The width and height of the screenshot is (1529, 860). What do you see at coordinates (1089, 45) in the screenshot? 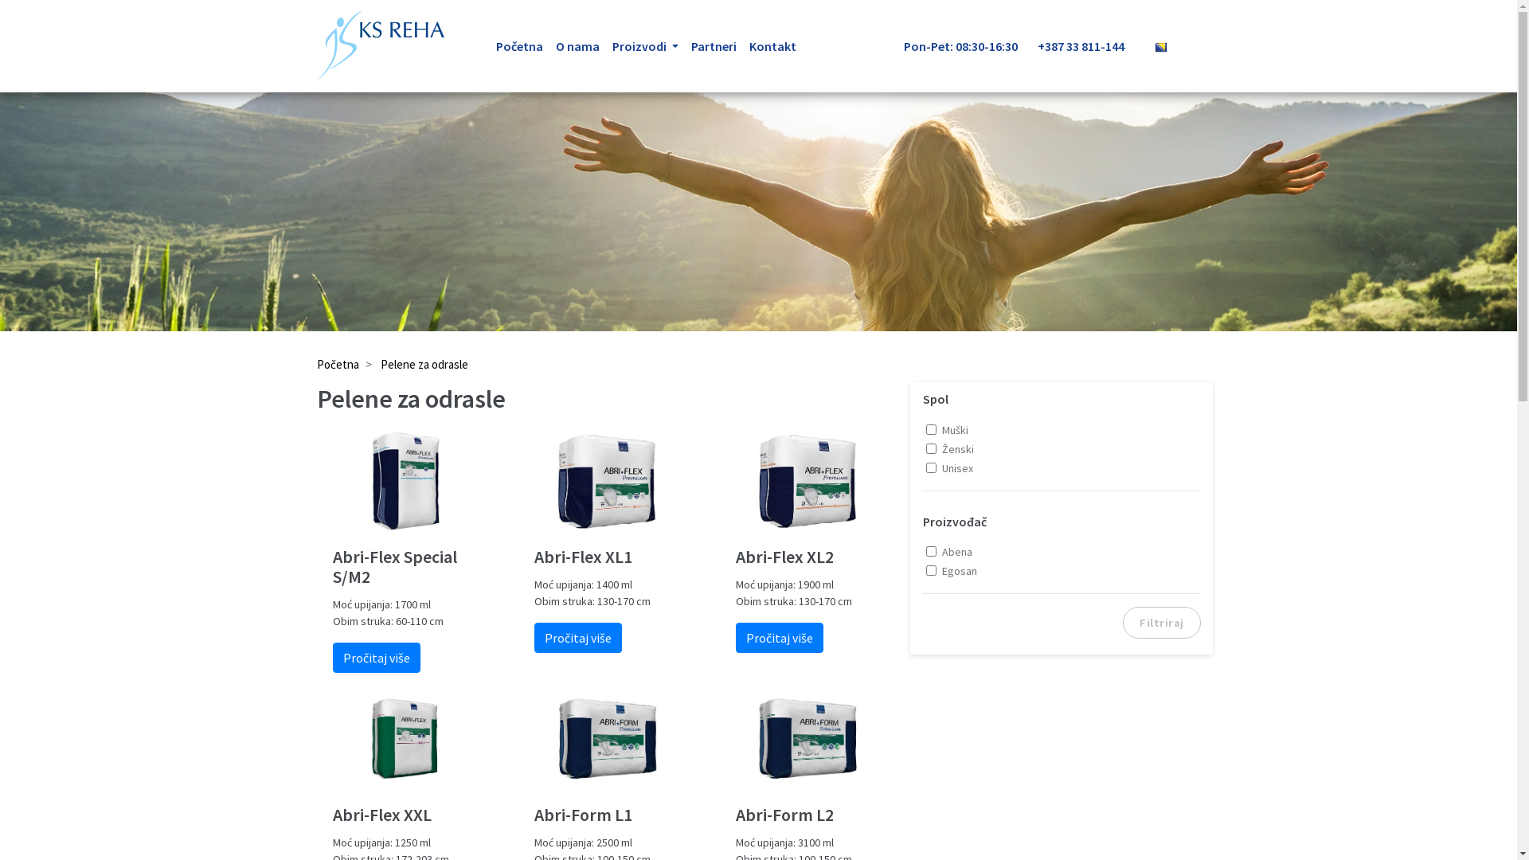
I see `'+387 33 811-144'` at bounding box center [1089, 45].